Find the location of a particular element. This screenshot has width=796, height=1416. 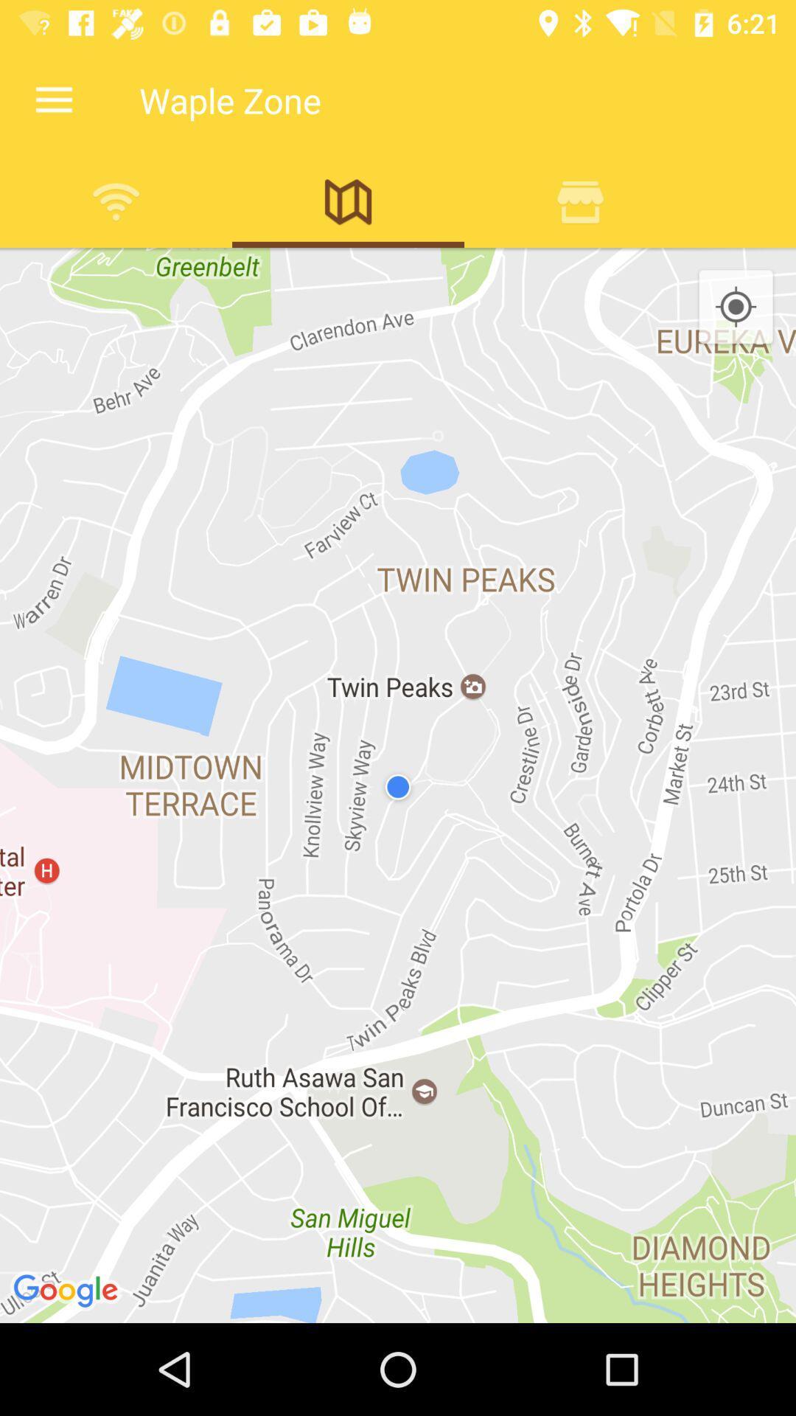

stores is located at coordinates (579, 201).